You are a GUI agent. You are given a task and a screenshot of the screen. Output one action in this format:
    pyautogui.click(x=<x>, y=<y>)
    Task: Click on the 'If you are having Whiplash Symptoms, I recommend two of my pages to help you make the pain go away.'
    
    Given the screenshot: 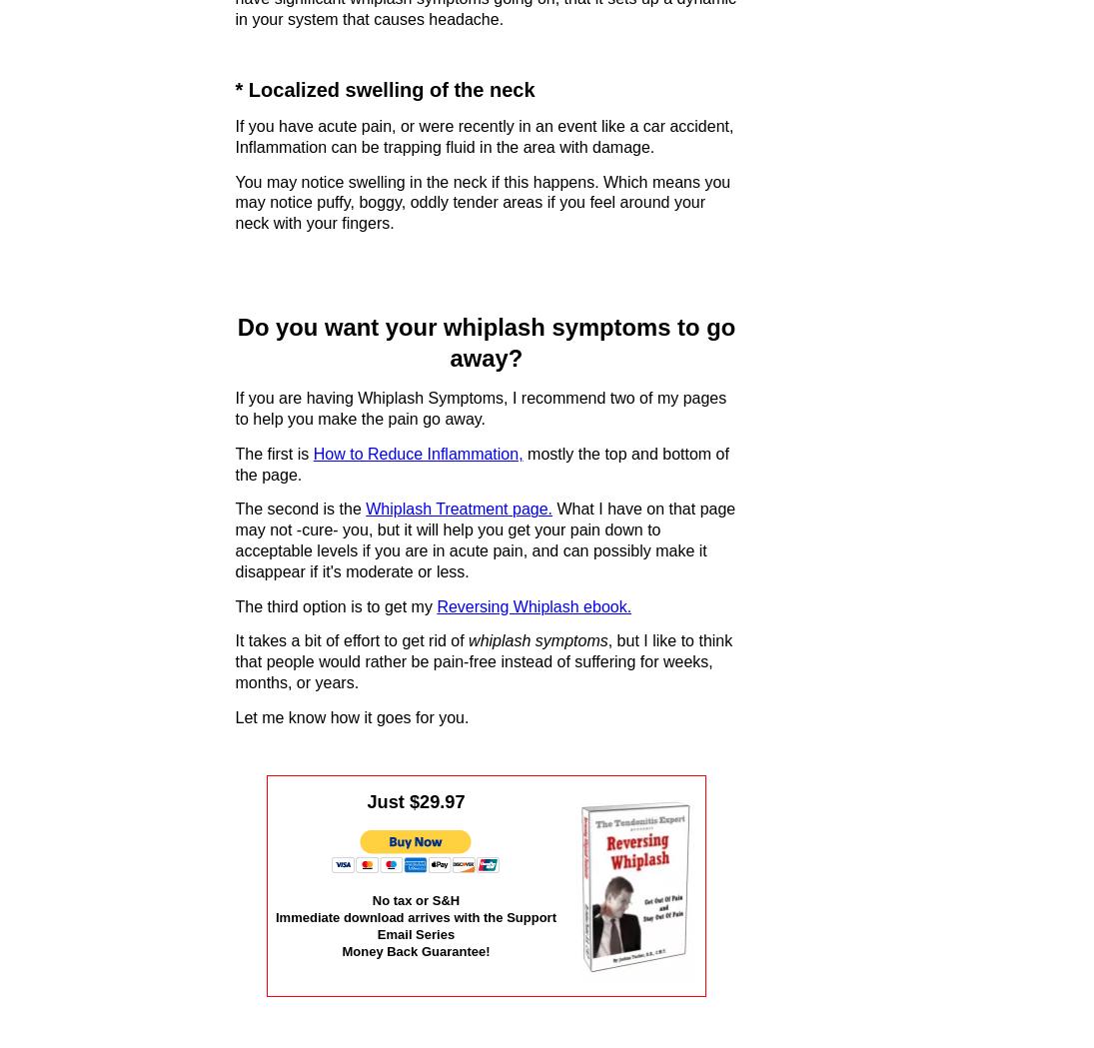 What is the action you would take?
    pyautogui.click(x=480, y=408)
    